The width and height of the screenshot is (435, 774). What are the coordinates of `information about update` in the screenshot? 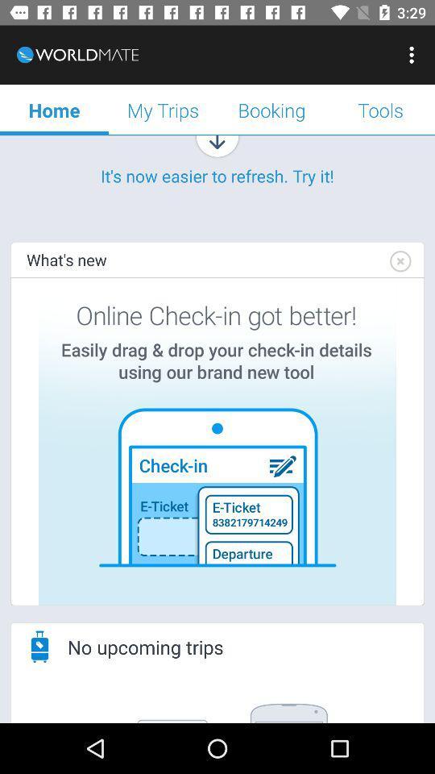 It's located at (217, 441).